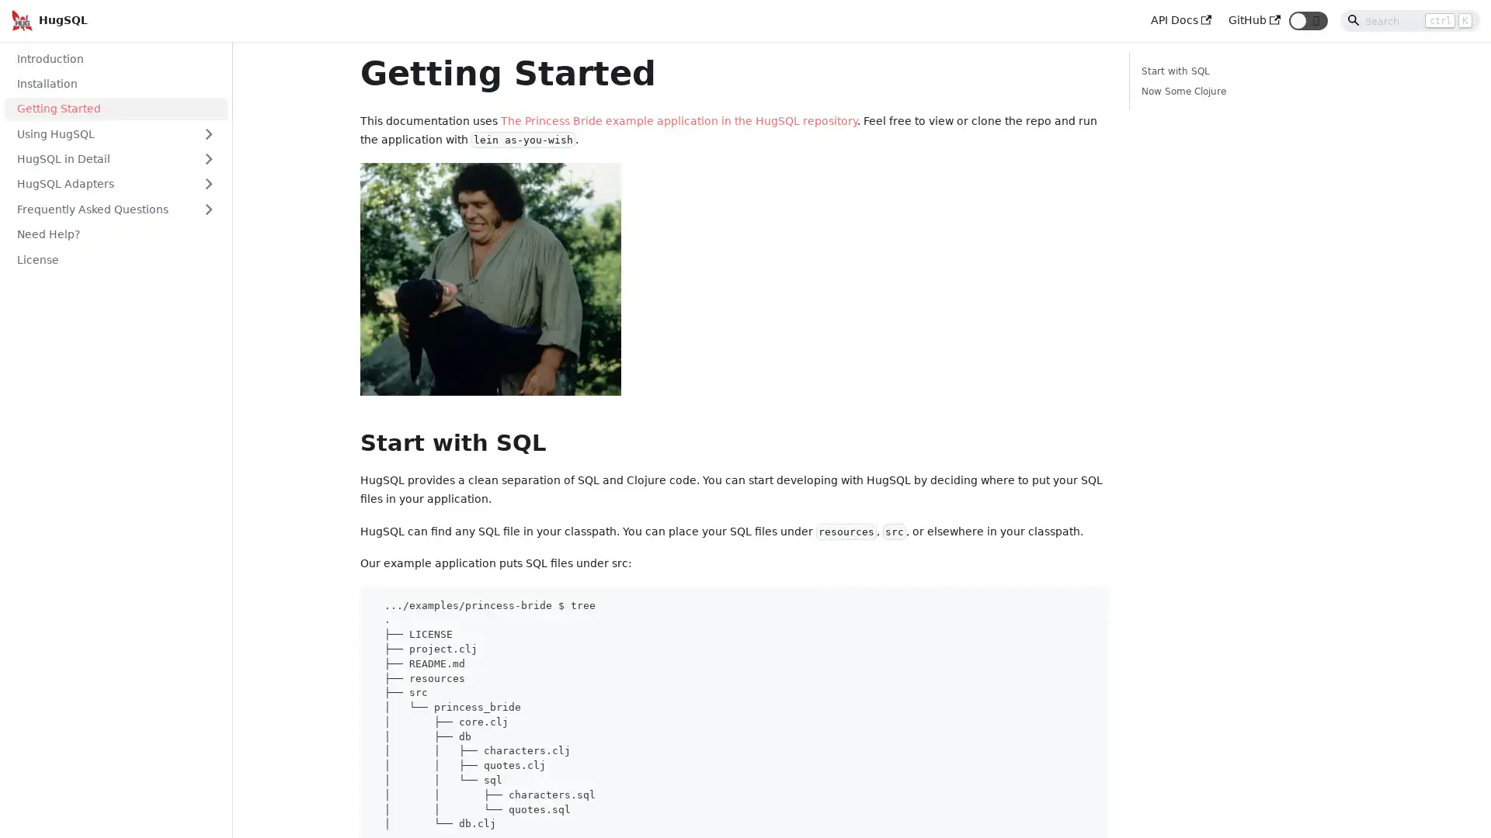  I want to click on Toggle the collapsible sidebar category 'Using HugSQL', so click(207, 133).